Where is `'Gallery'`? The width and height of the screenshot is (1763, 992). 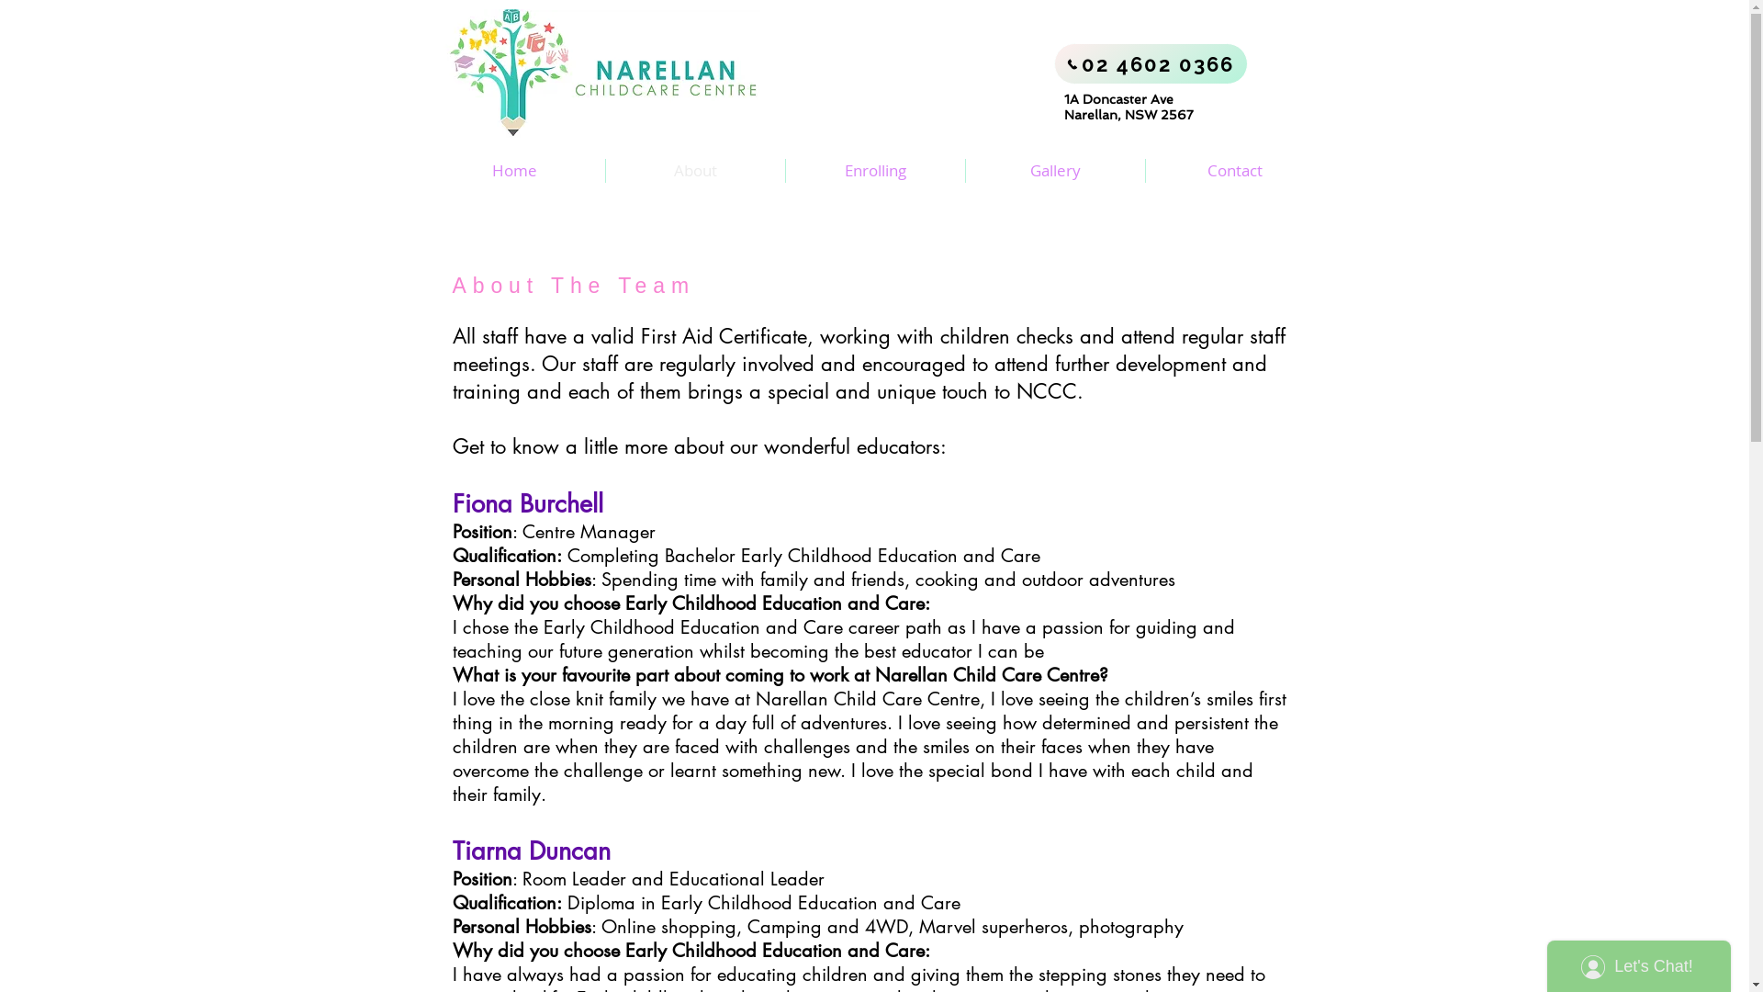 'Gallery' is located at coordinates (1055, 170).